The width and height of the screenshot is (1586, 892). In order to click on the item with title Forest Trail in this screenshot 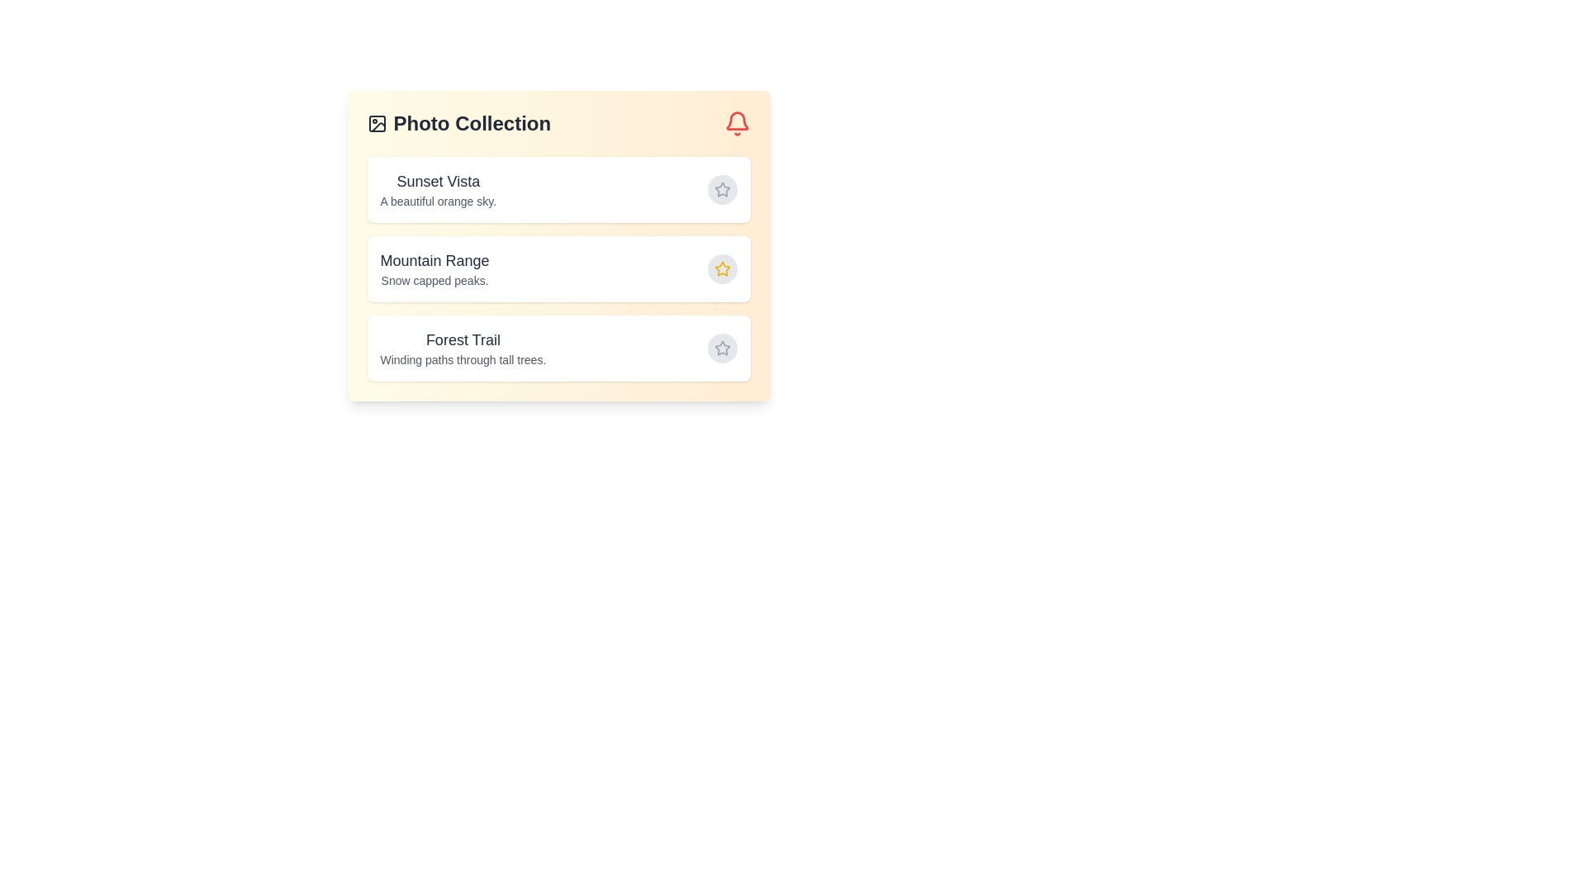, I will do `click(558, 347)`.